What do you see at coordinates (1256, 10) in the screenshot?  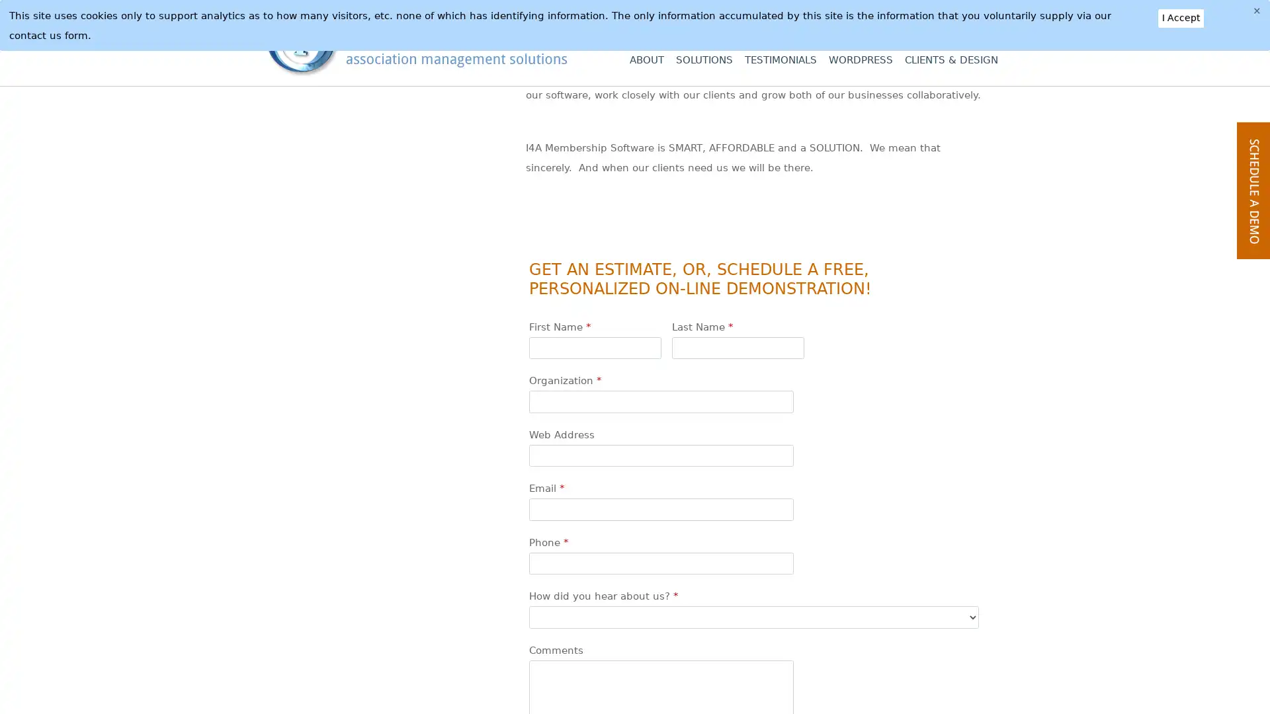 I see `Close` at bounding box center [1256, 10].